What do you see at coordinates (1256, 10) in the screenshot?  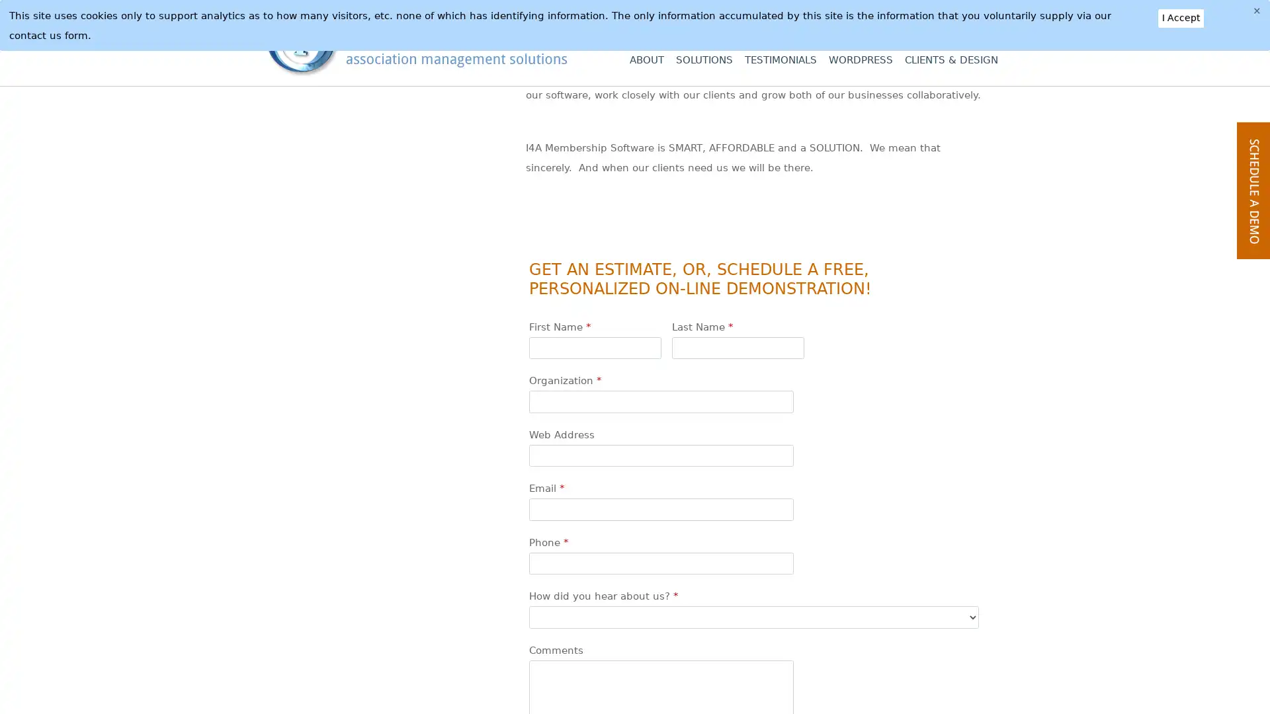 I see `Close` at bounding box center [1256, 10].